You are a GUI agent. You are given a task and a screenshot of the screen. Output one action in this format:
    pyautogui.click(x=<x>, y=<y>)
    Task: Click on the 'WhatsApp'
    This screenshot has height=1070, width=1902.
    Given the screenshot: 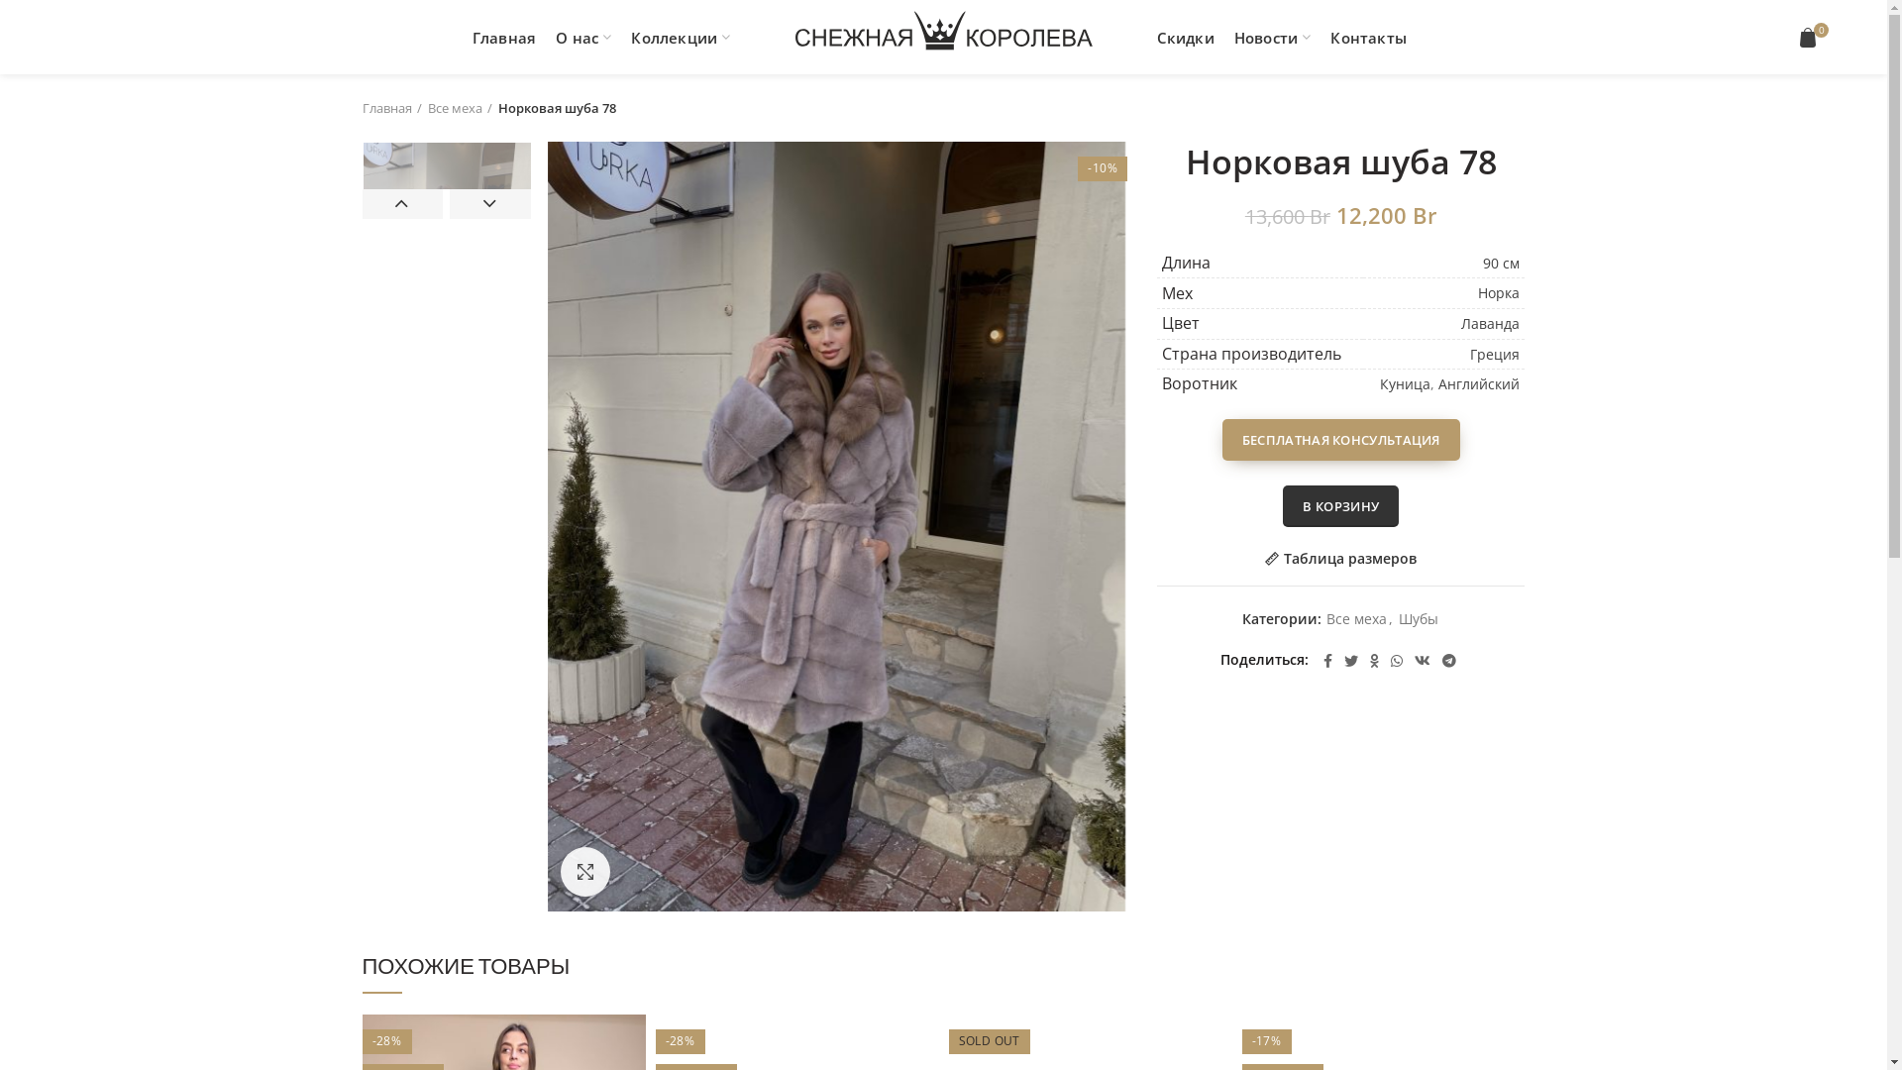 What is the action you would take?
    pyautogui.click(x=1383, y=661)
    